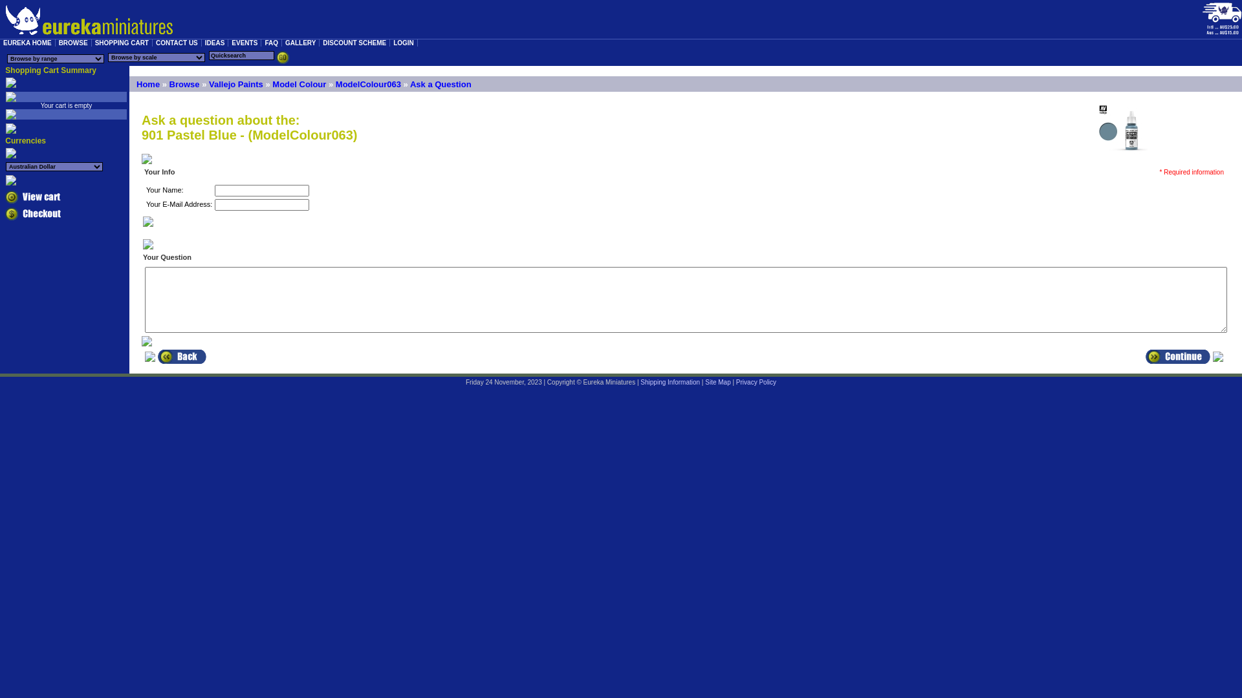  What do you see at coordinates (215, 42) in the screenshot?
I see `'IDEAS'` at bounding box center [215, 42].